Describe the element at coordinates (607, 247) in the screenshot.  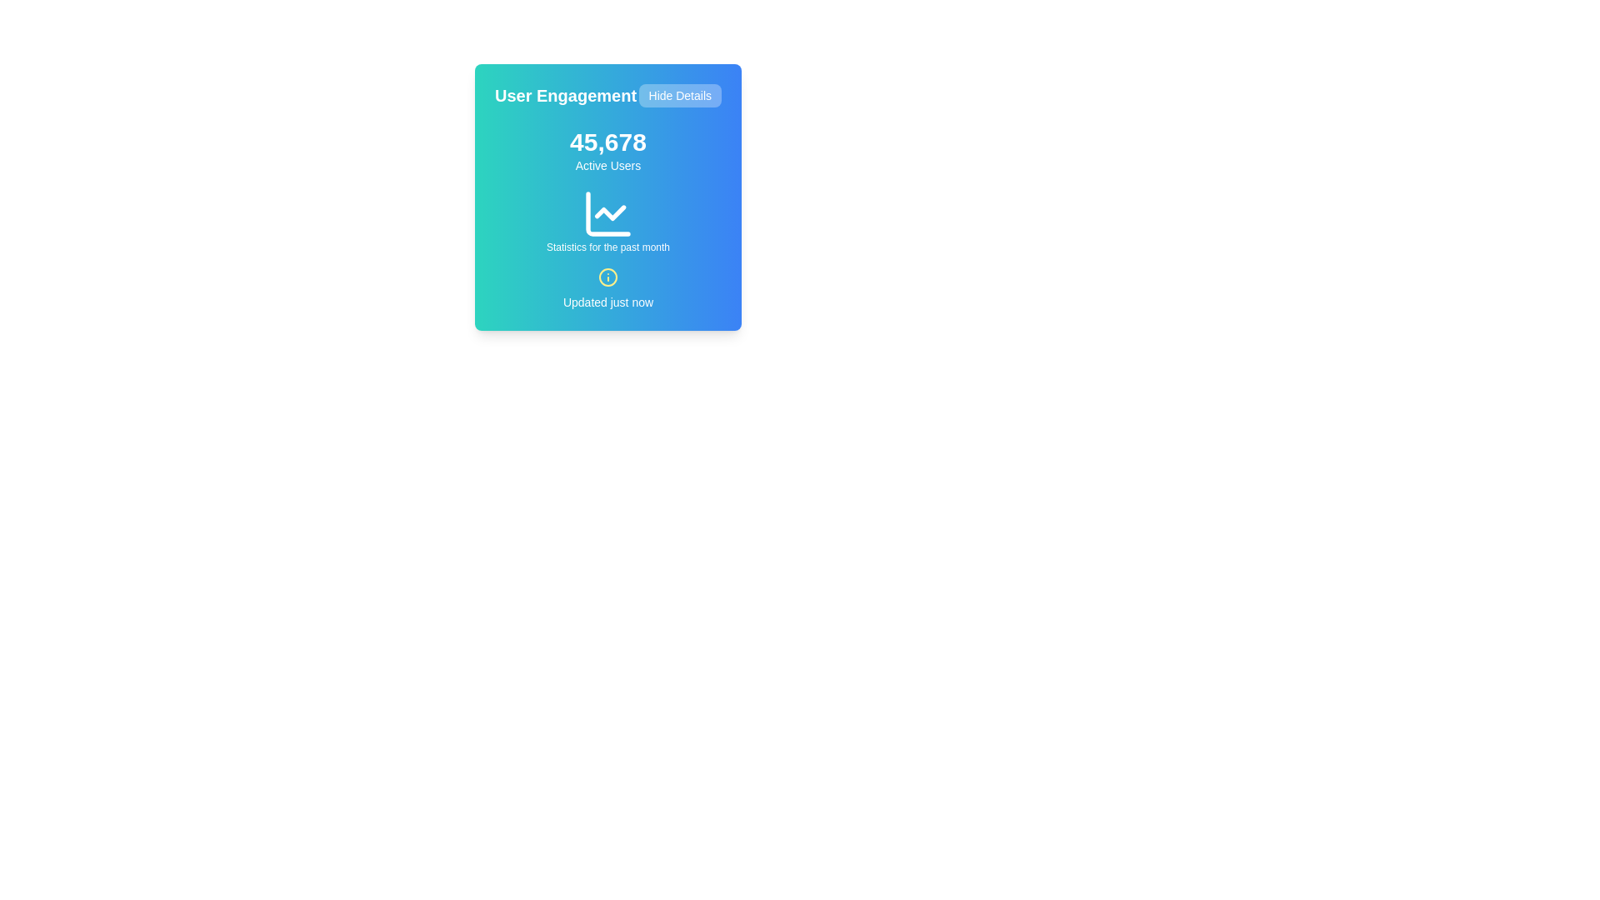
I see `the text label displaying 'Statistics for the past month', which is located in a blue-green card layout, below a chart icon` at that location.